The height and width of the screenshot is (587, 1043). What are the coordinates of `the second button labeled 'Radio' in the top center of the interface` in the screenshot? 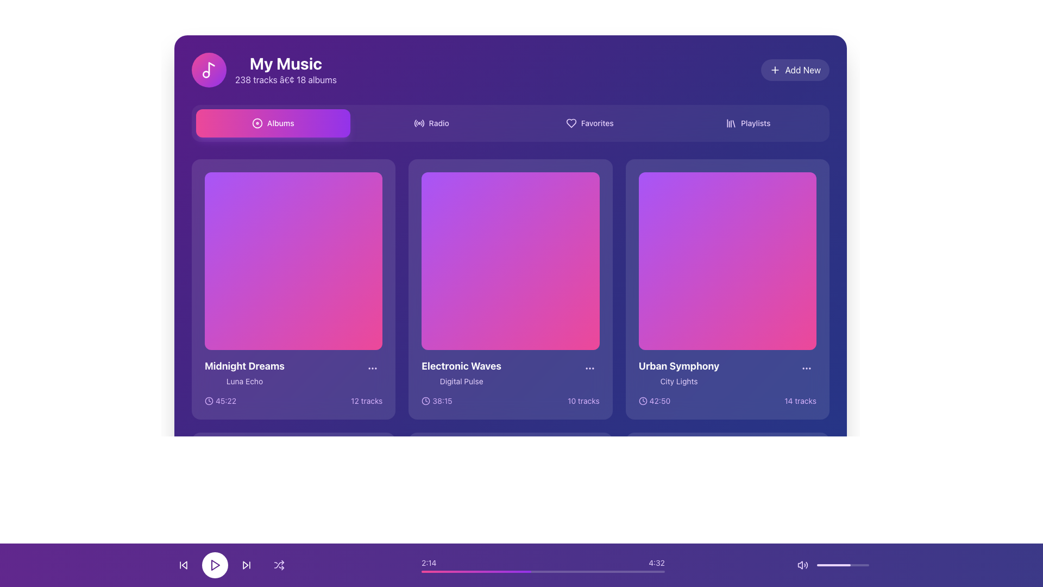 It's located at (431, 123).